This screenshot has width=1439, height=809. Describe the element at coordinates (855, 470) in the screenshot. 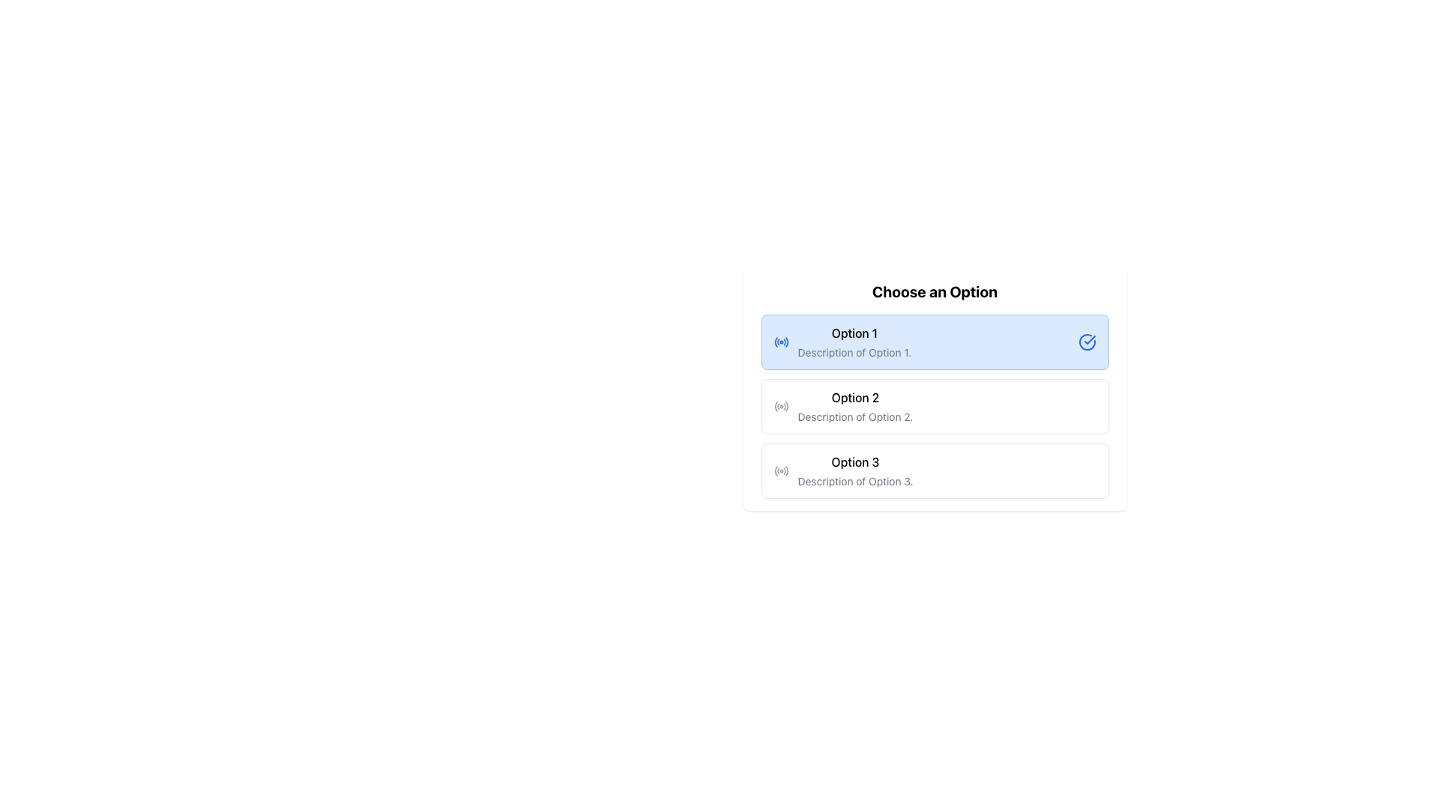

I see `the text block labeled 'Option 3' with the subtitle 'Description of Option 3' in the selection list titled 'Choose an Option'` at that location.